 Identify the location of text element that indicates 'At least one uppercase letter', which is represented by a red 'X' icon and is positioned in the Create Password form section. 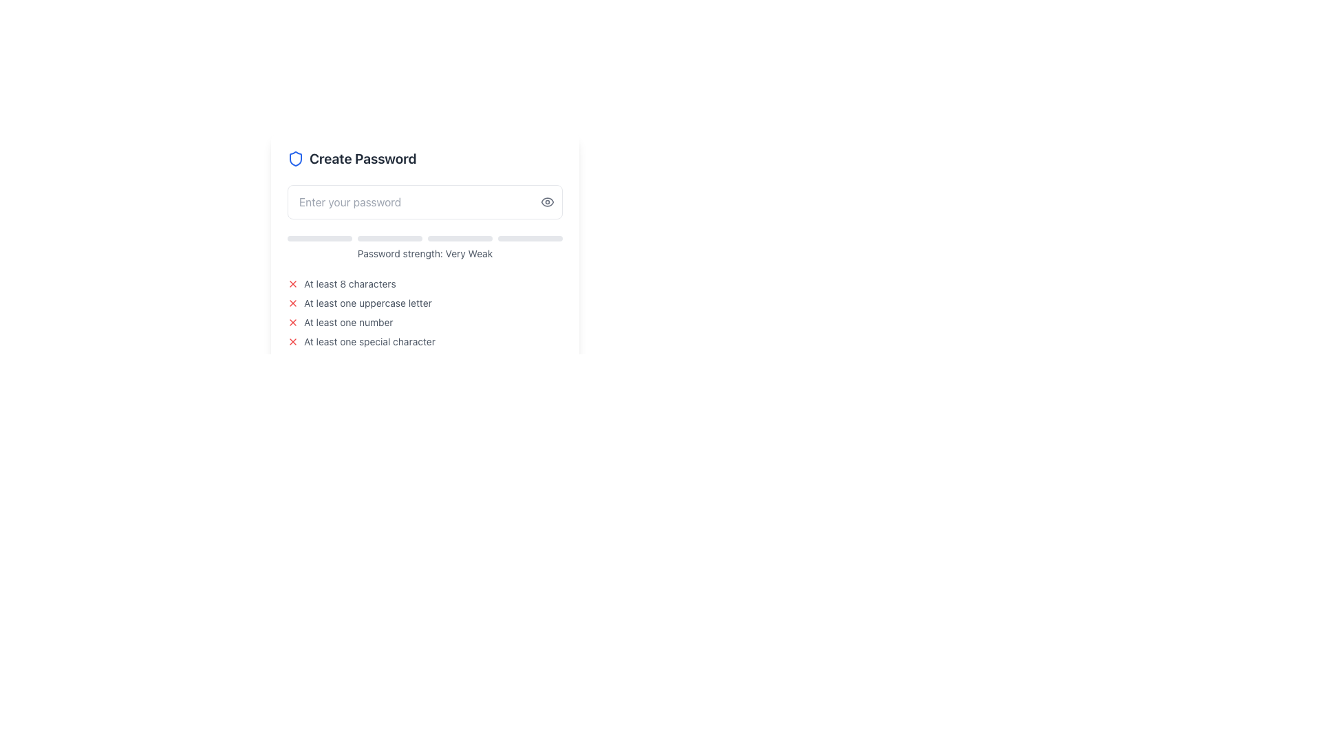
(425, 302).